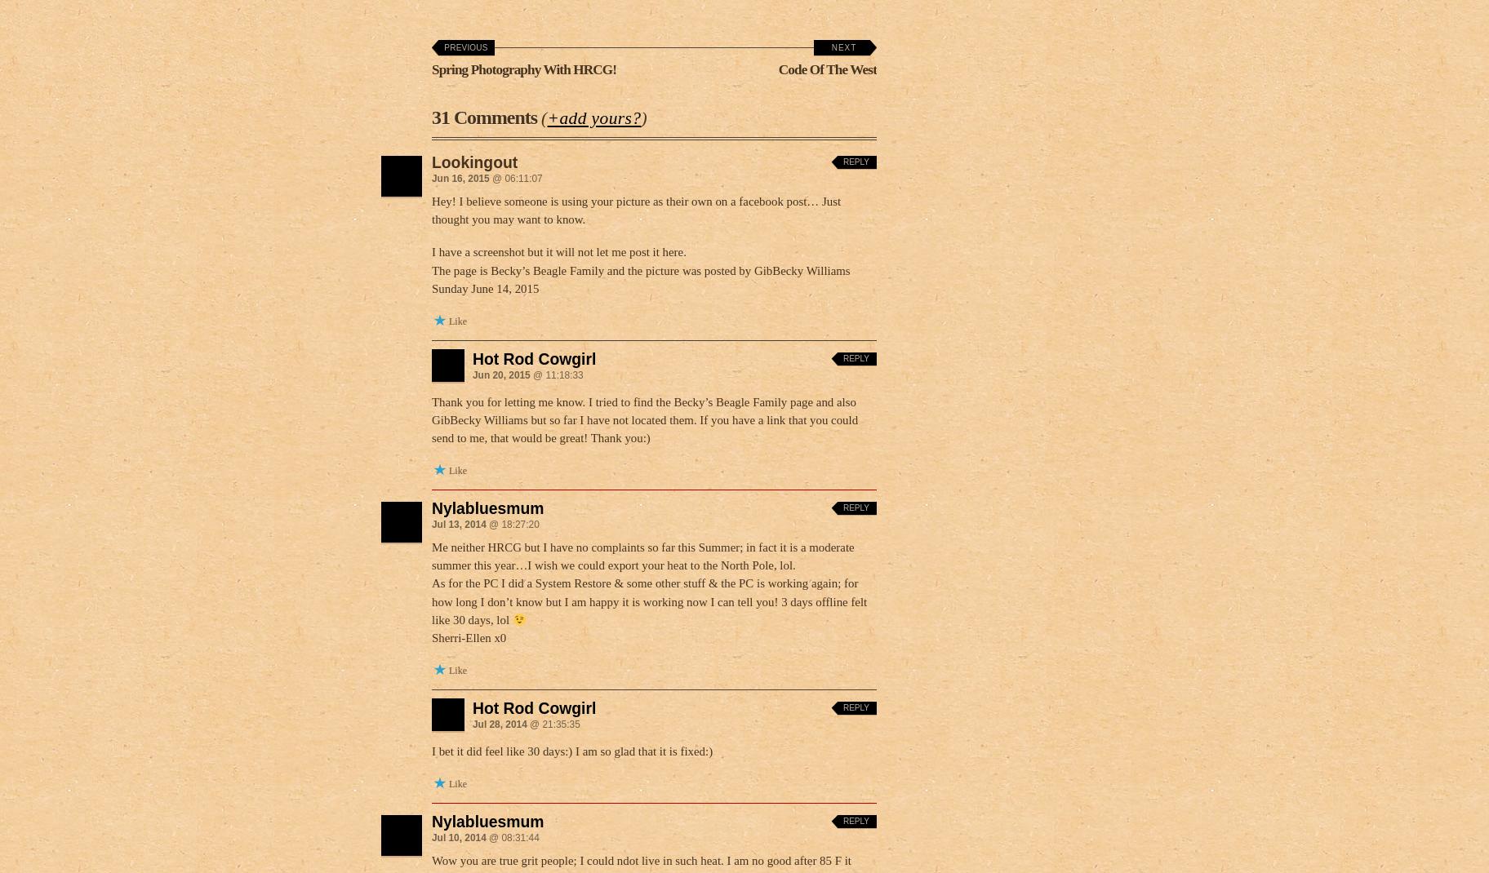  Describe the element at coordinates (473, 162) in the screenshot. I see `'Lookingout'` at that location.